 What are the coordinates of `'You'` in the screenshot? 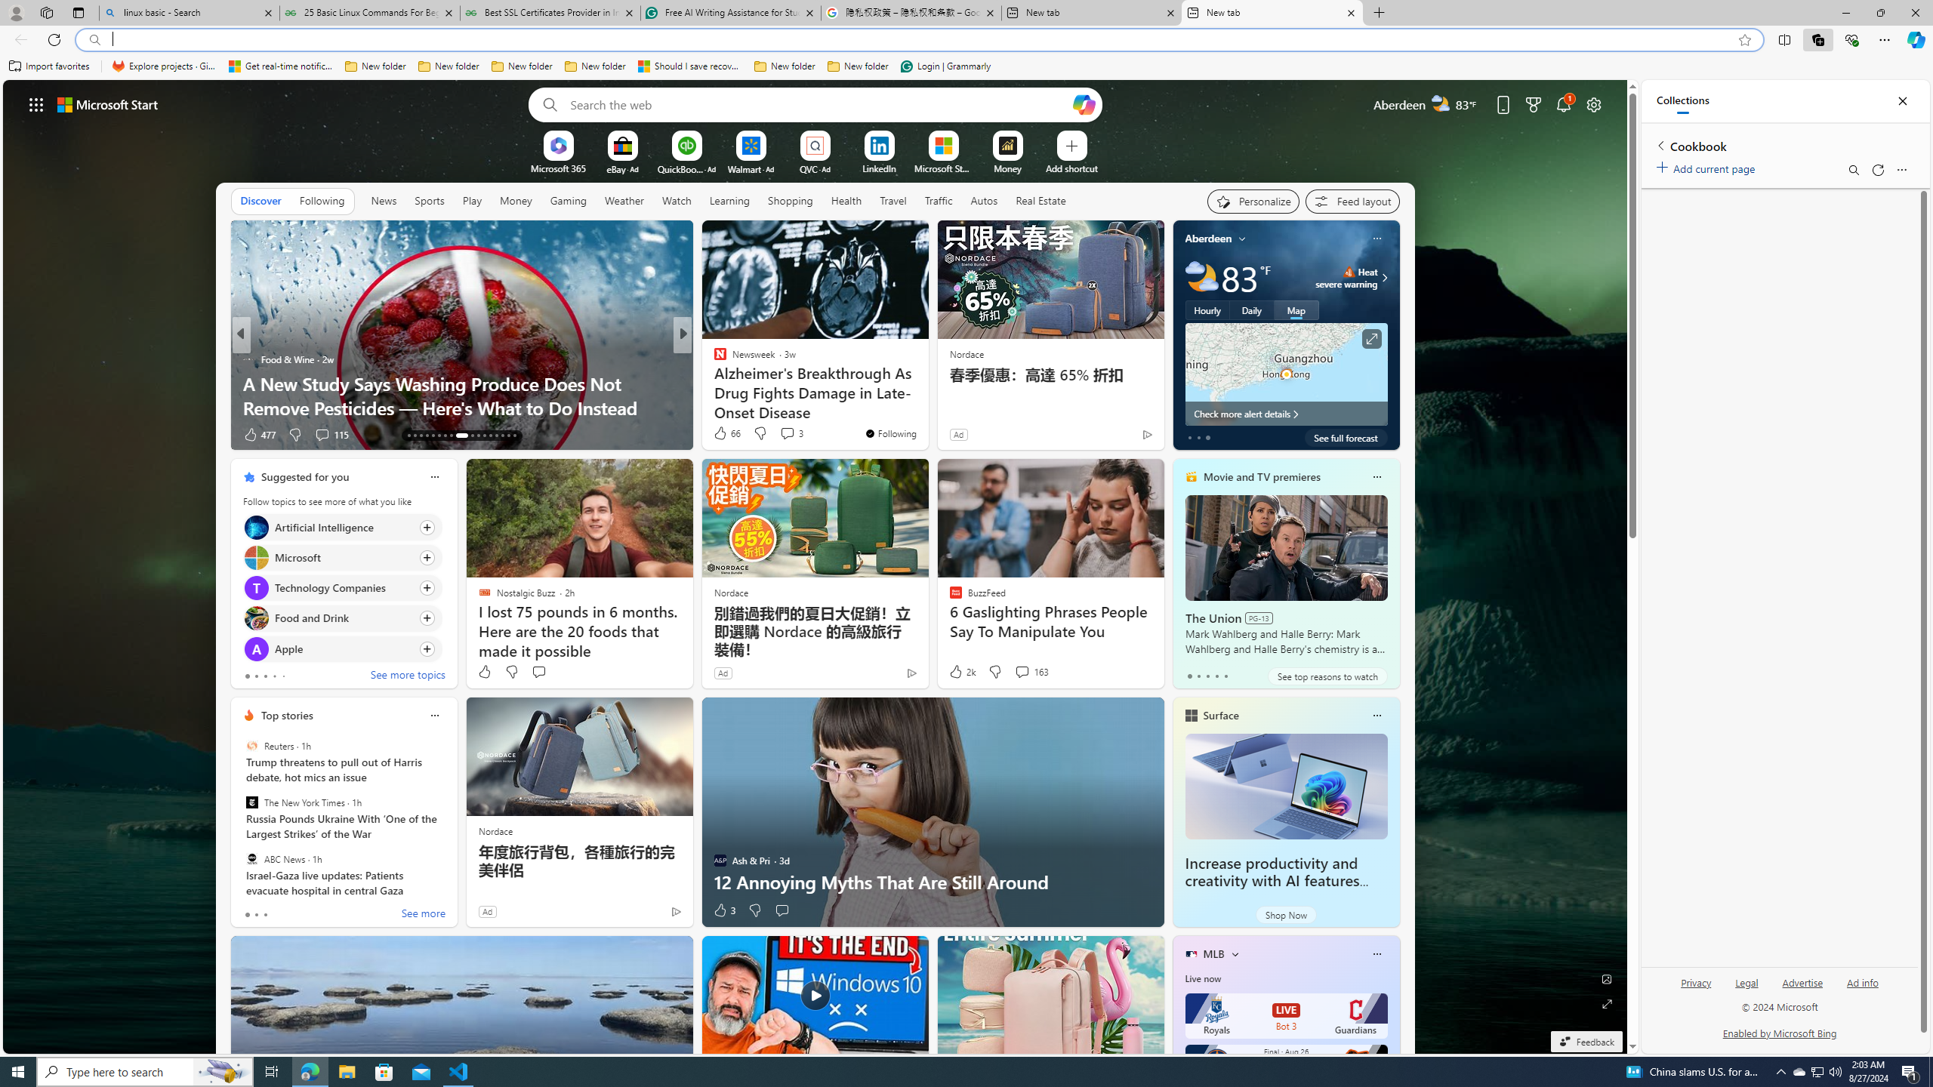 It's located at (890, 433).